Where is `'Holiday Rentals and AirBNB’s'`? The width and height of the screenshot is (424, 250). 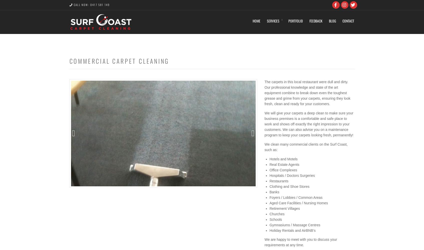 'Holiday Rentals and AirBNB’s' is located at coordinates (292, 231).